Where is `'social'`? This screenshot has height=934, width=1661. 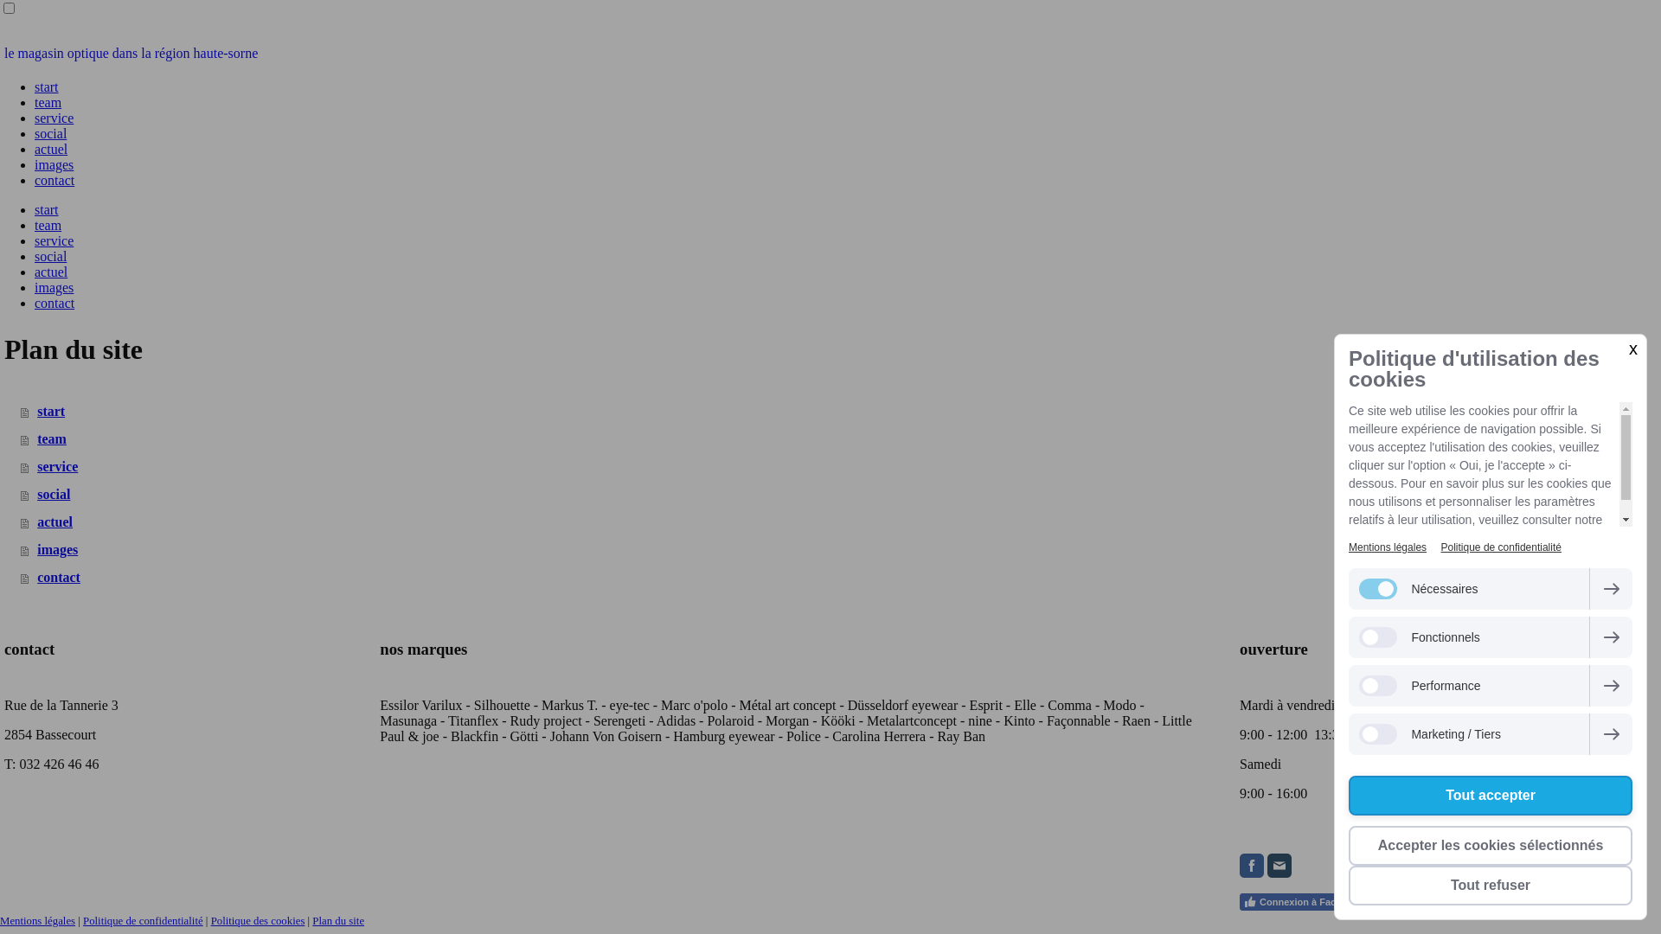 'social' is located at coordinates (50, 132).